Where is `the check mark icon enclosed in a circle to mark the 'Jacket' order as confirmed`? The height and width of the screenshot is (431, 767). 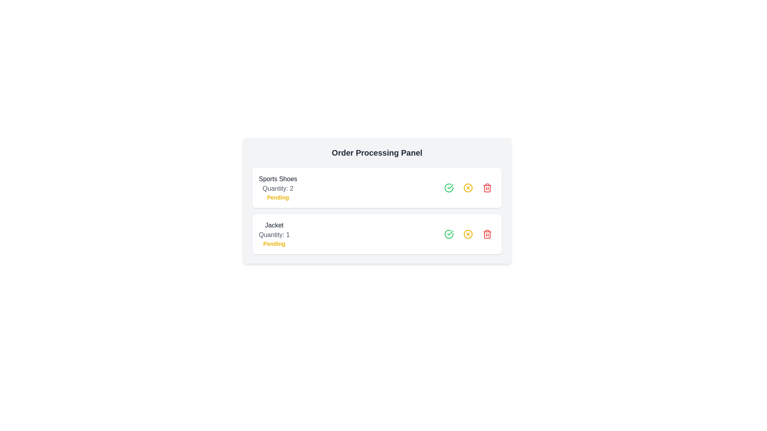 the check mark icon enclosed in a circle to mark the 'Jacket' order as confirmed is located at coordinates (449, 233).